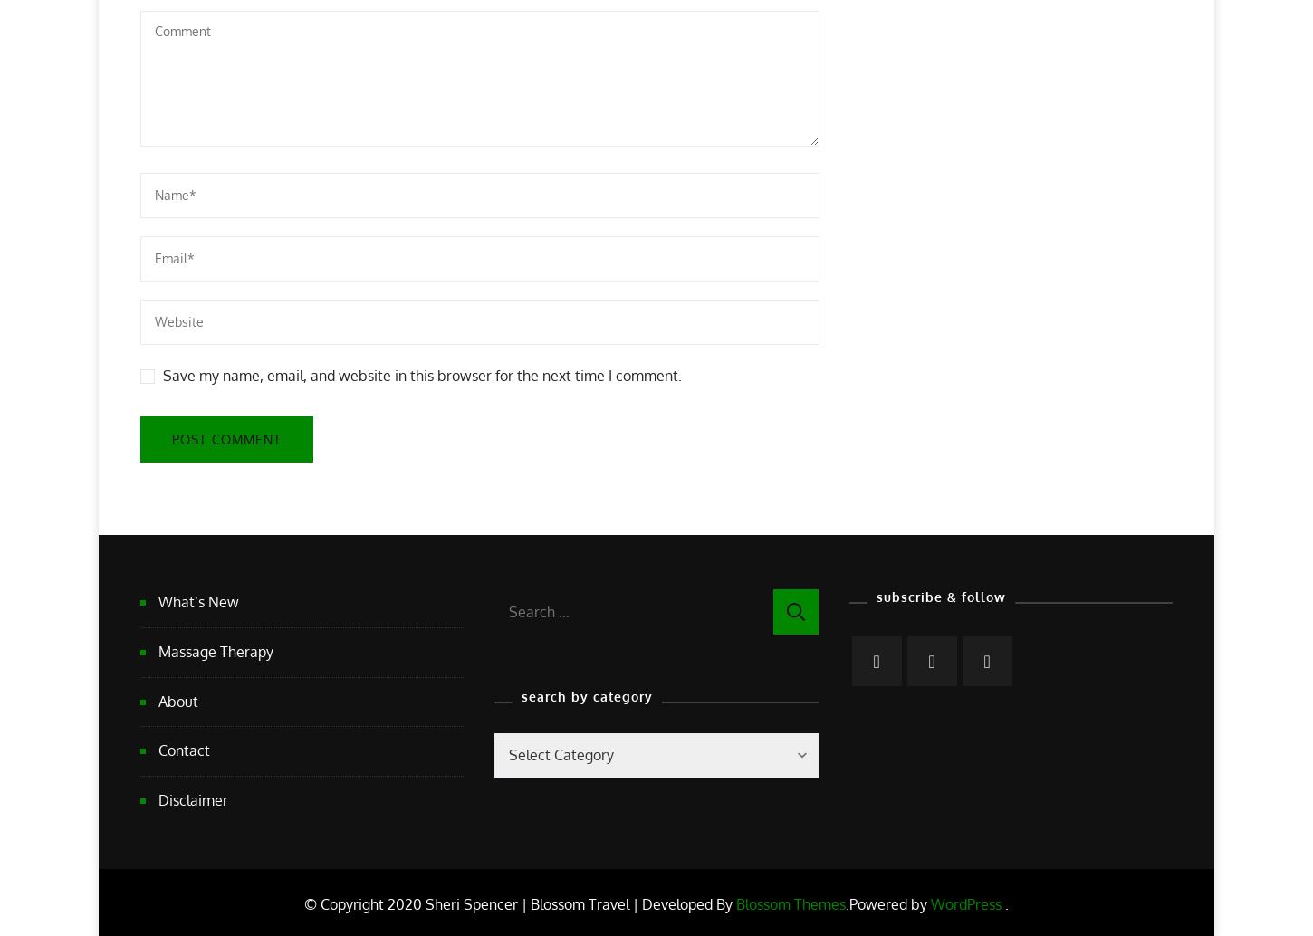 This screenshot has height=936, width=1313. What do you see at coordinates (158, 798) in the screenshot?
I see `'Disclaimer'` at bounding box center [158, 798].